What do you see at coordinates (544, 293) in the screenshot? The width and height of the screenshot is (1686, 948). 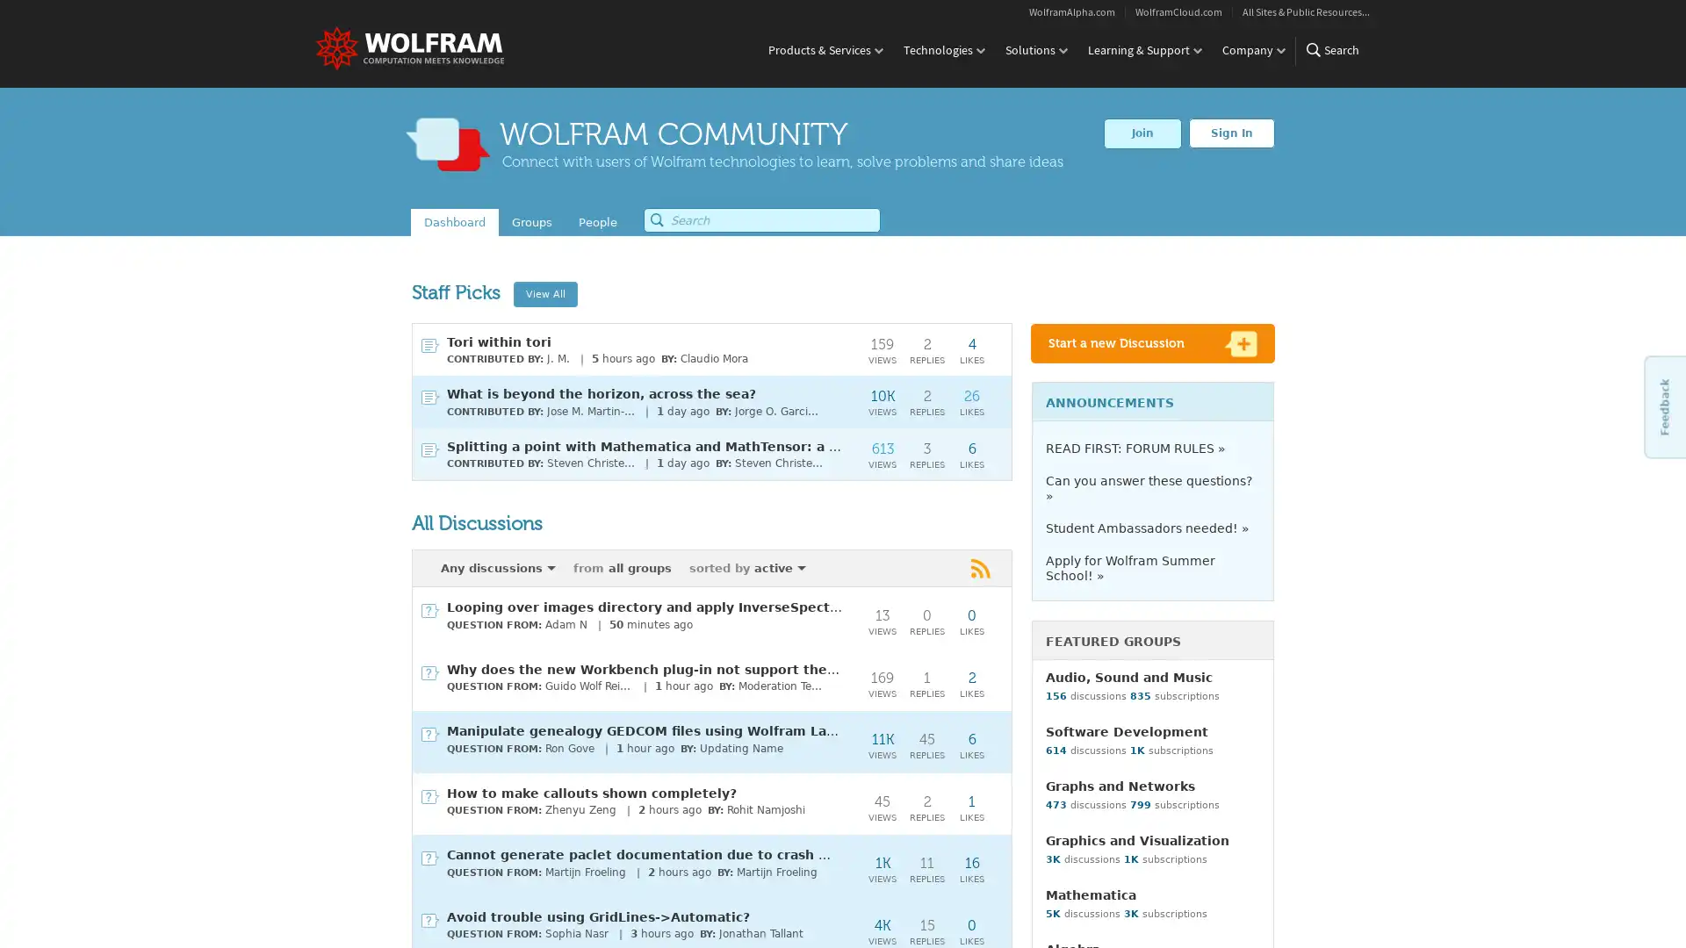 I see `View All` at bounding box center [544, 293].